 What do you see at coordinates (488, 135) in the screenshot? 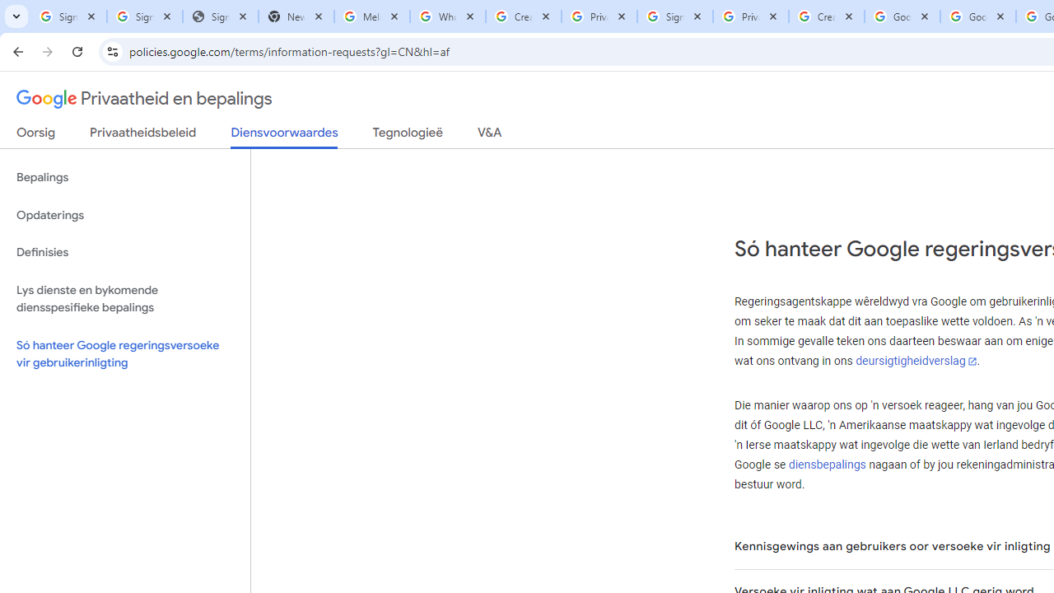
I see `'V&A'` at bounding box center [488, 135].